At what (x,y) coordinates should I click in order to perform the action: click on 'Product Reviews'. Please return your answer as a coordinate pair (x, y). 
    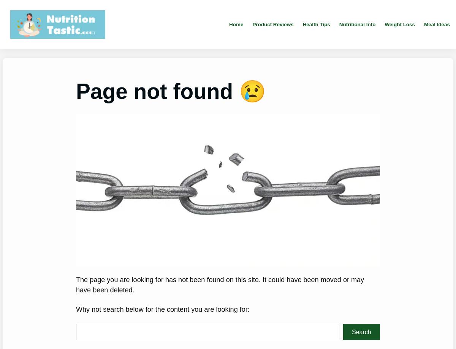
    Looking at the image, I should click on (272, 24).